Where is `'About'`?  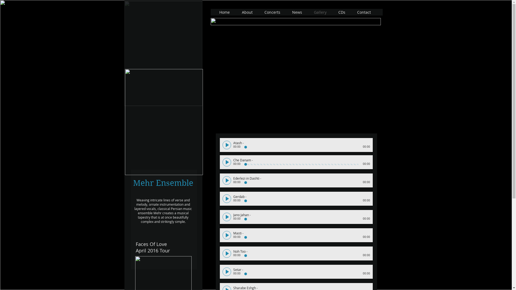 'About' is located at coordinates (236, 12).